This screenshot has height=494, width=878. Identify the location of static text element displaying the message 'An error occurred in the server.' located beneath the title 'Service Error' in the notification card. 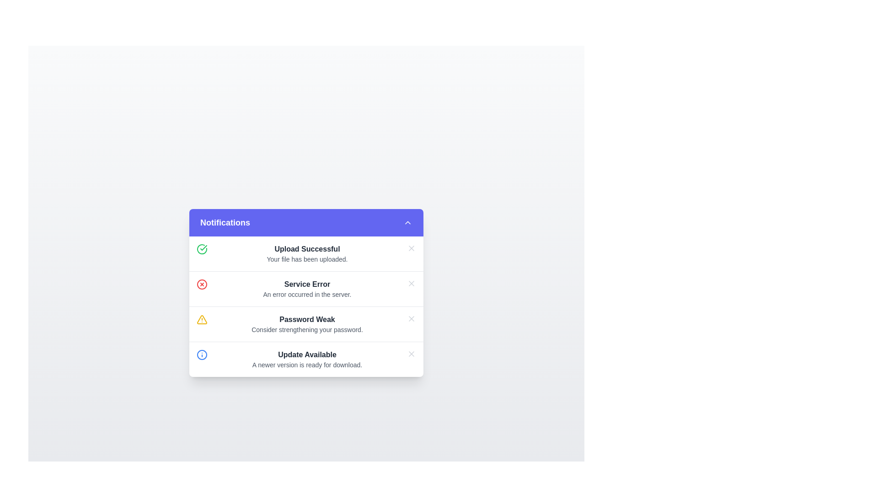
(307, 294).